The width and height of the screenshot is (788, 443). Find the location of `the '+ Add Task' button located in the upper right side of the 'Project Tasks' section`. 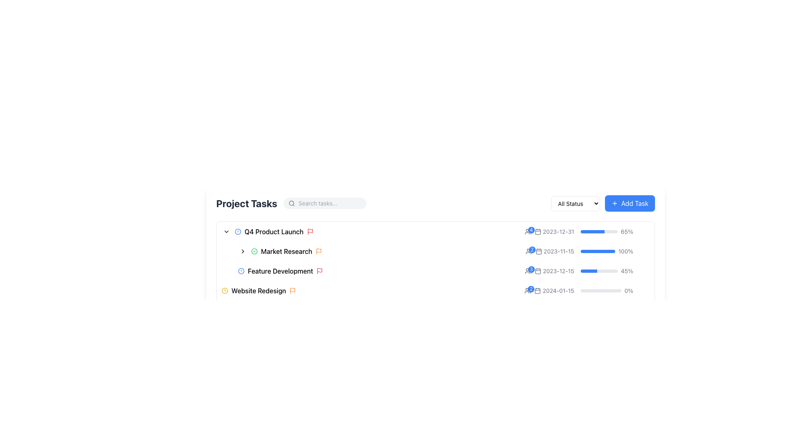

the '+ Add Task' button located in the upper right side of the 'Project Tasks' section is located at coordinates (603, 203).